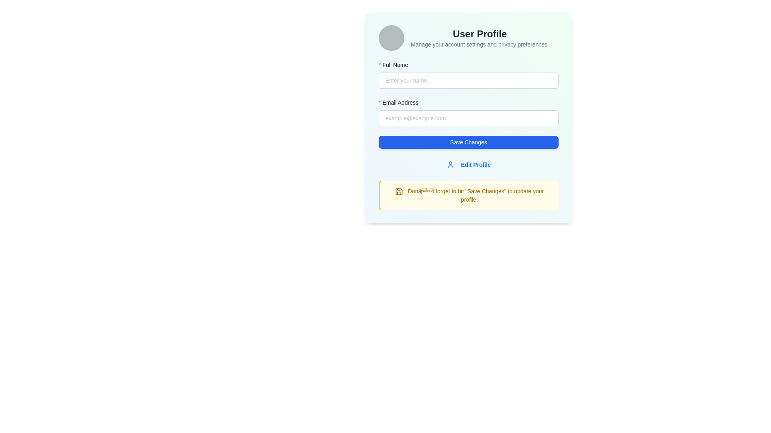 The height and width of the screenshot is (433, 771). What do you see at coordinates (480, 45) in the screenshot?
I see `the static text element that provides instructions about managing account settings and privacy preferences, located below the 'User Profile' title in the user profile section` at bounding box center [480, 45].